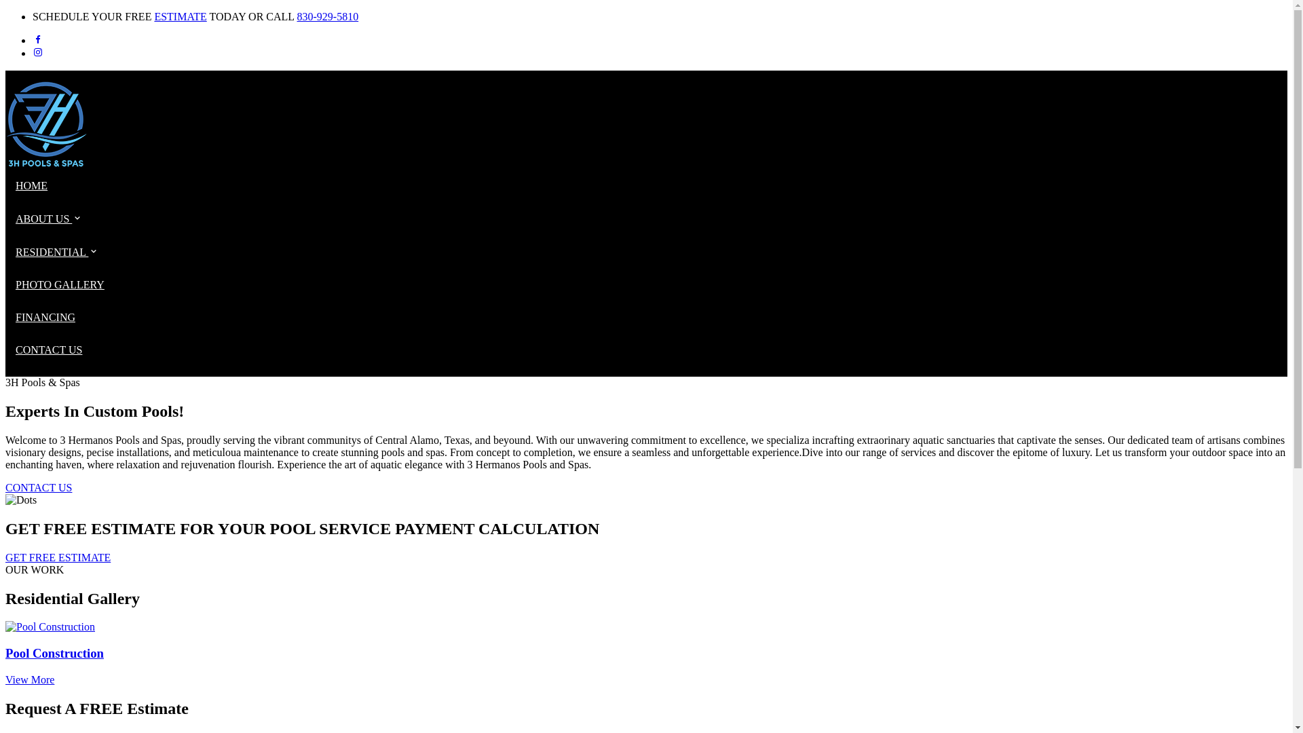 Image resolution: width=1303 pixels, height=733 pixels. I want to click on 'FINANCING', so click(16, 317).